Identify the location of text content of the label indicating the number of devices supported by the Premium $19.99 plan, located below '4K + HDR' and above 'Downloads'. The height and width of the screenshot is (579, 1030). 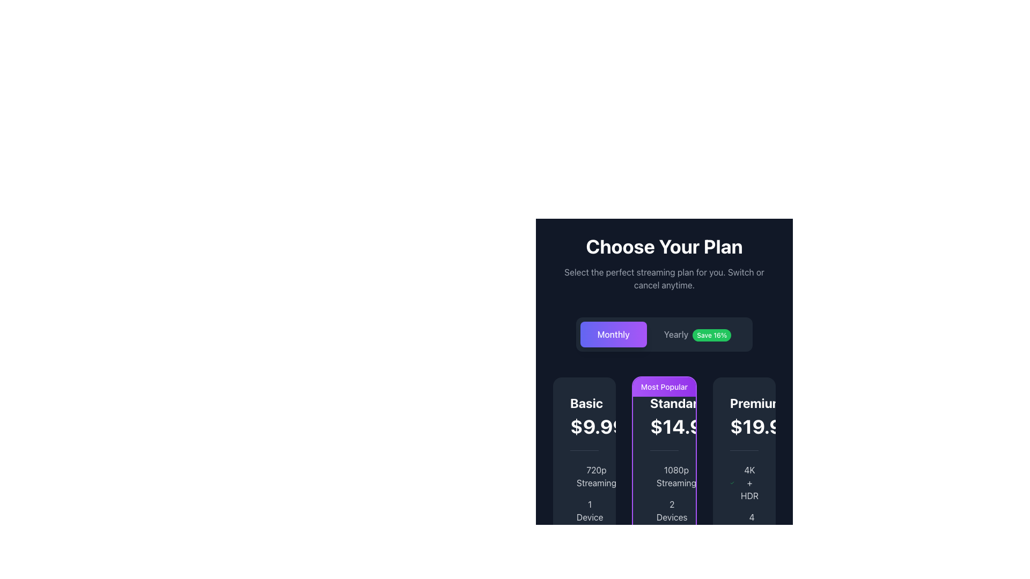
(744, 523).